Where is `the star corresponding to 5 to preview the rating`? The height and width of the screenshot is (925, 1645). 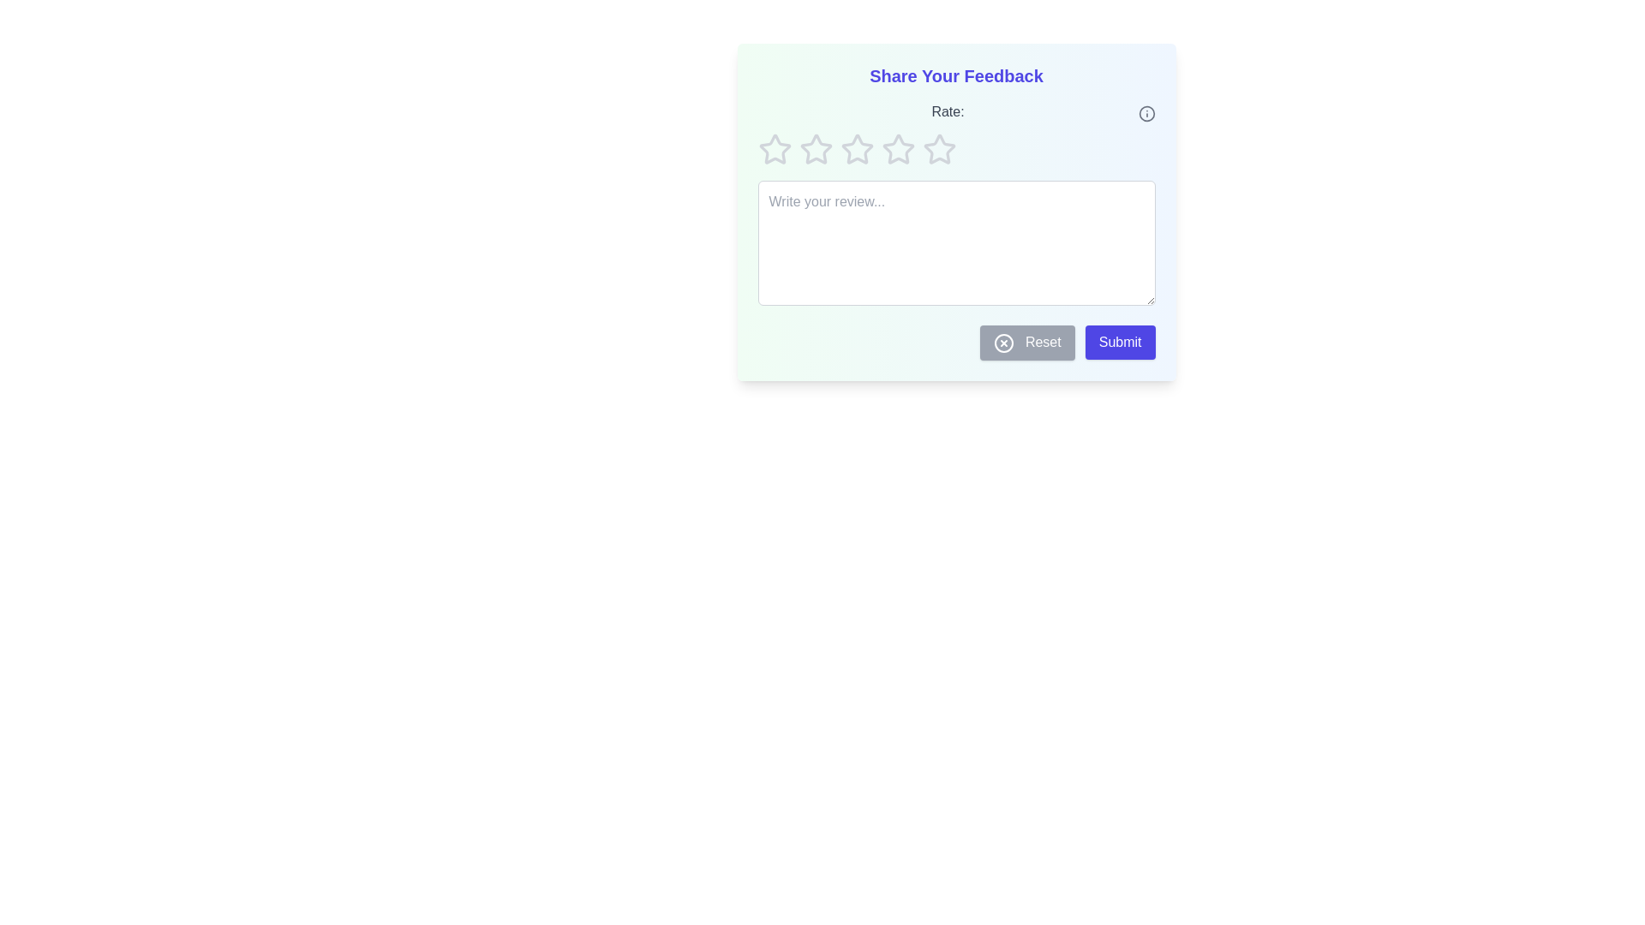 the star corresponding to 5 to preview the rating is located at coordinates (938, 148).